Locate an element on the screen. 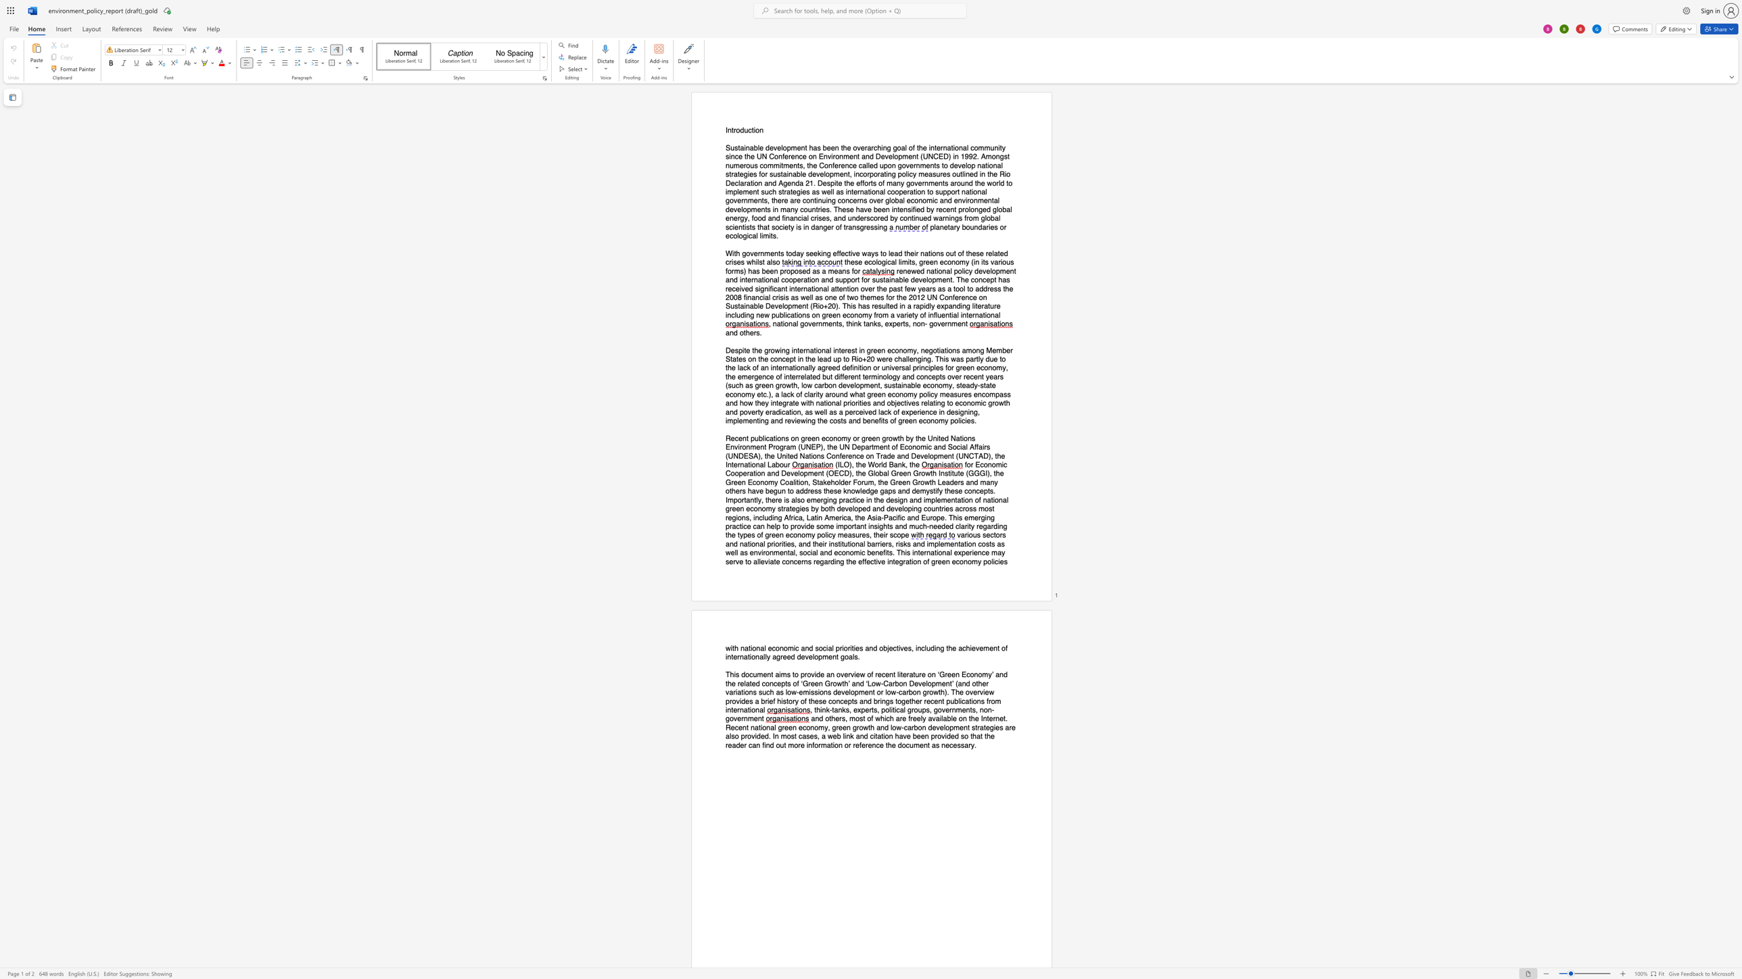 This screenshot has width=1742, height=979. the 2th character "b" in the text is located at coordinates (824, 376).